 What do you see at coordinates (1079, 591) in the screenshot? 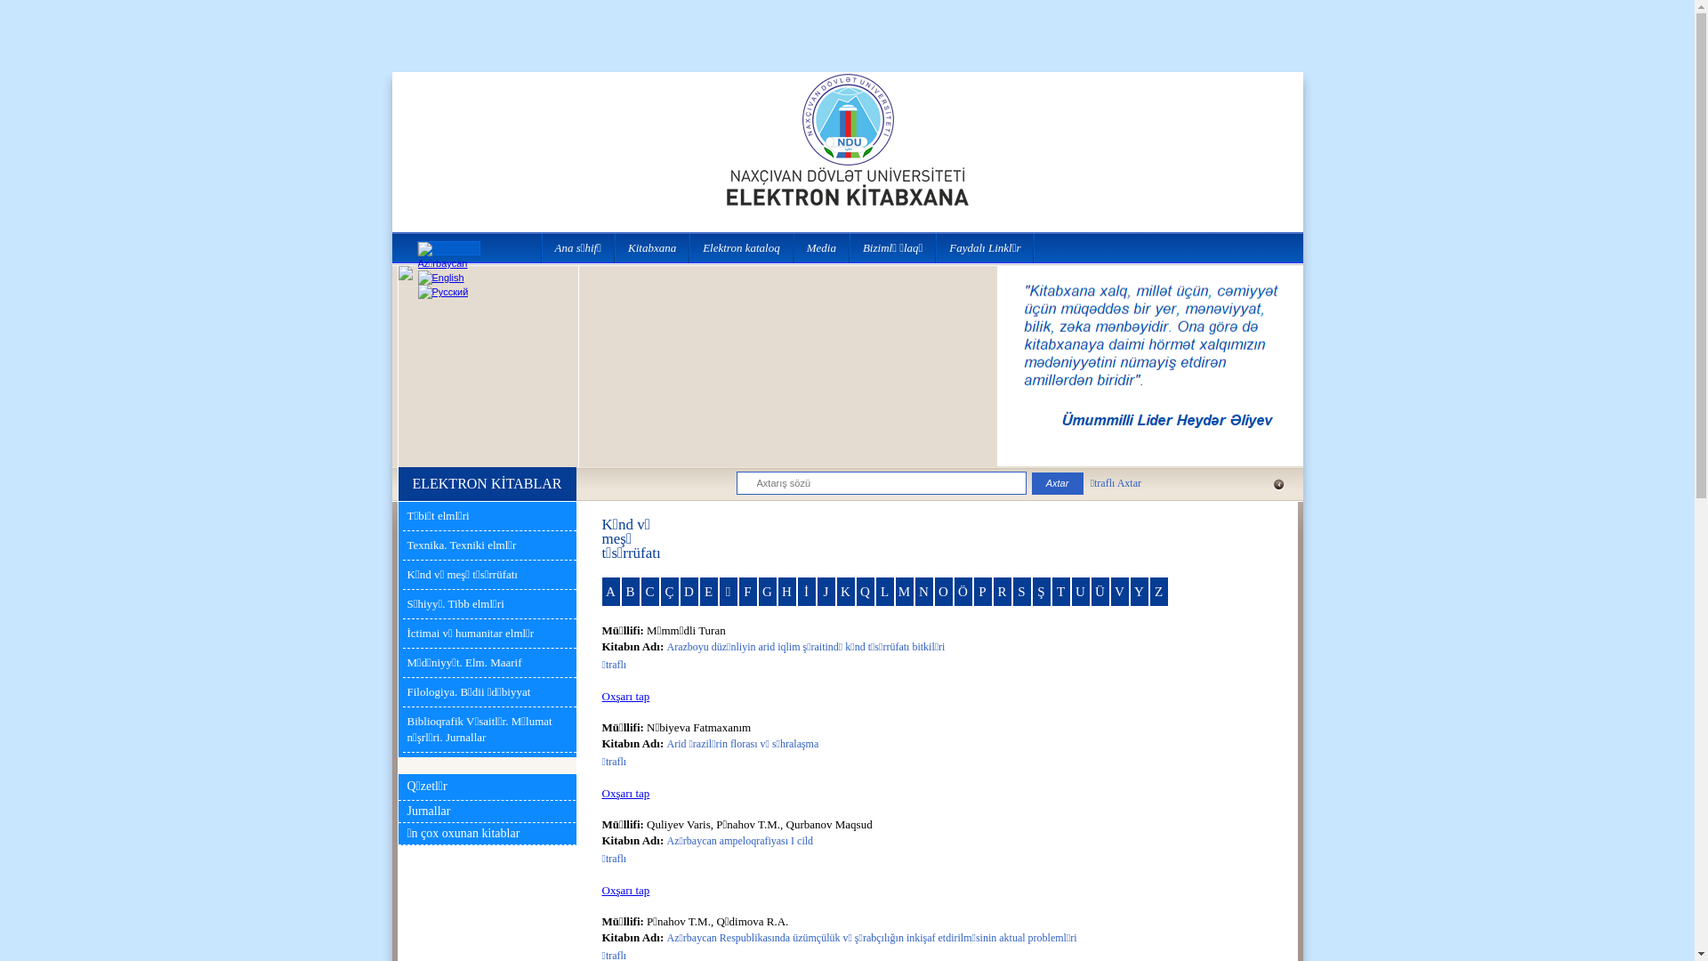
I see `'U'` at bounding box center [1079, 591].